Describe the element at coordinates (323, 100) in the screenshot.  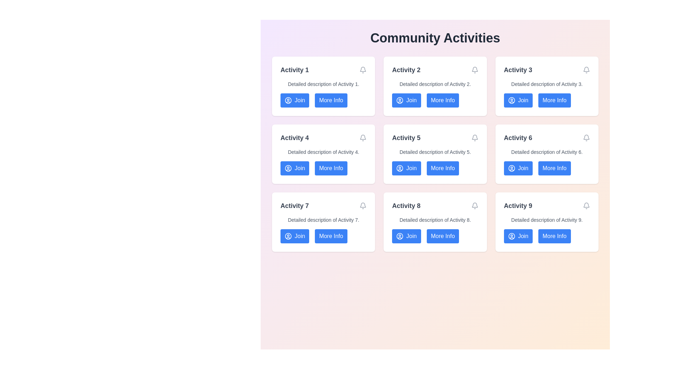
I see `the blue, rounded rectangle button labeled 'More Info' to activate the hover effect` at that location.